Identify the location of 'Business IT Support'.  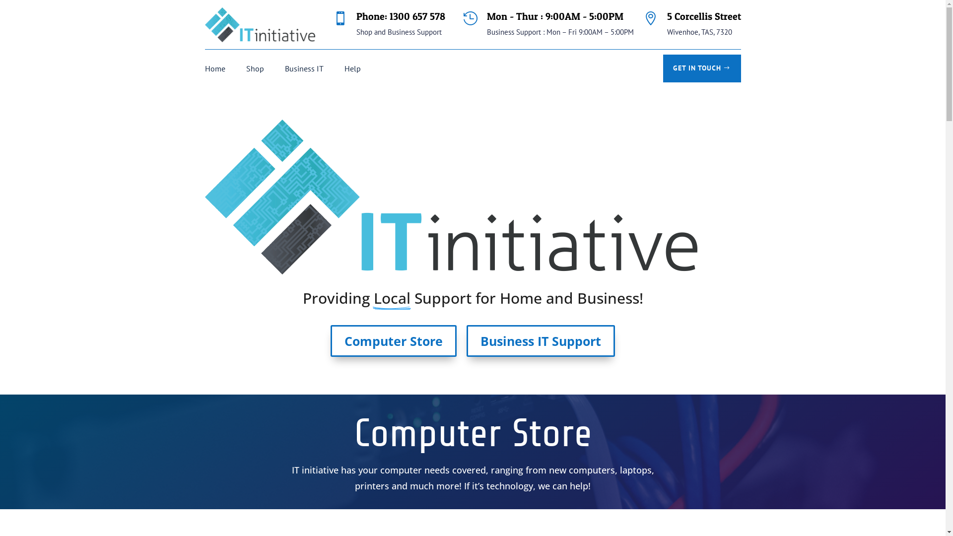
(466, 340).